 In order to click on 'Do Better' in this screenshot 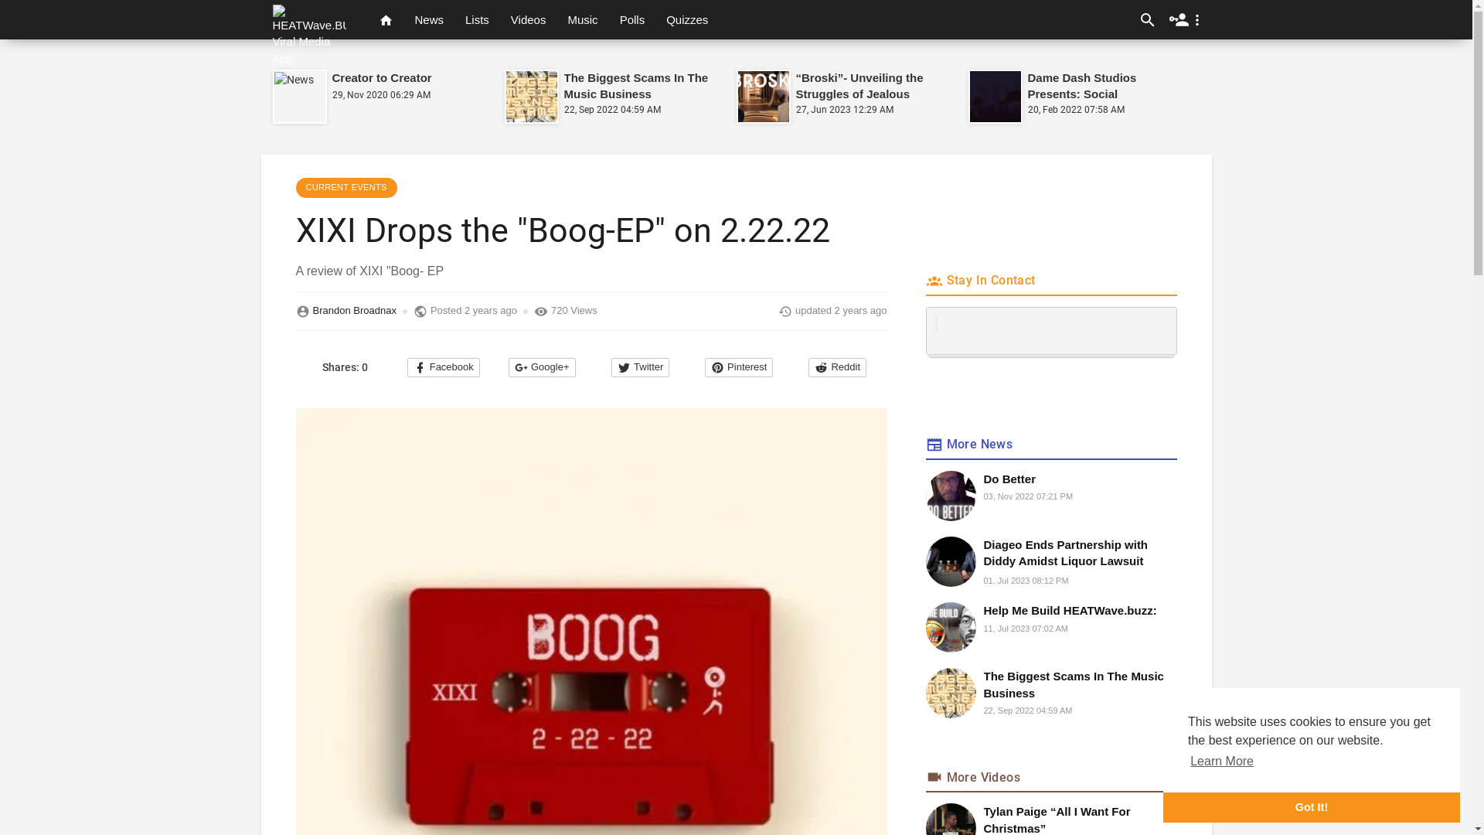, I will do `click(982, 478)`.